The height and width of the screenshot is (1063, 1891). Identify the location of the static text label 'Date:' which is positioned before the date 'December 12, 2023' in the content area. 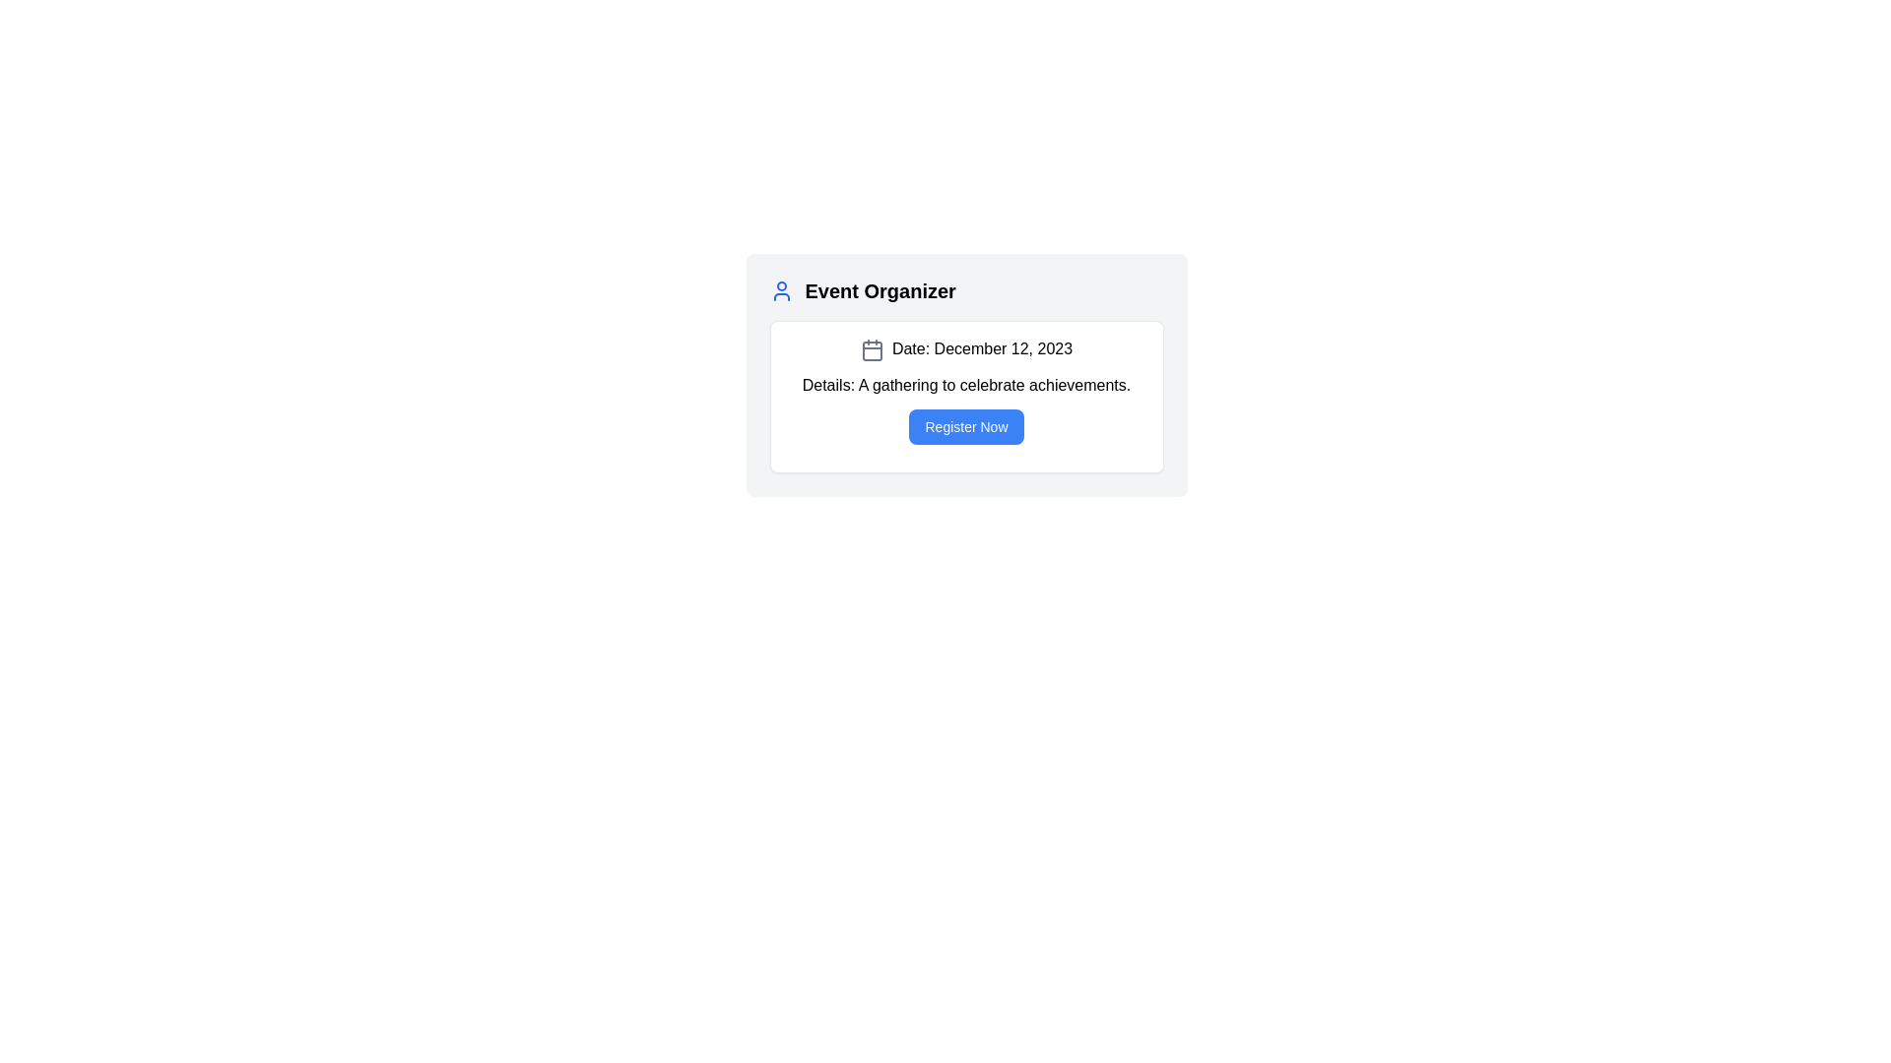
(910, 347).